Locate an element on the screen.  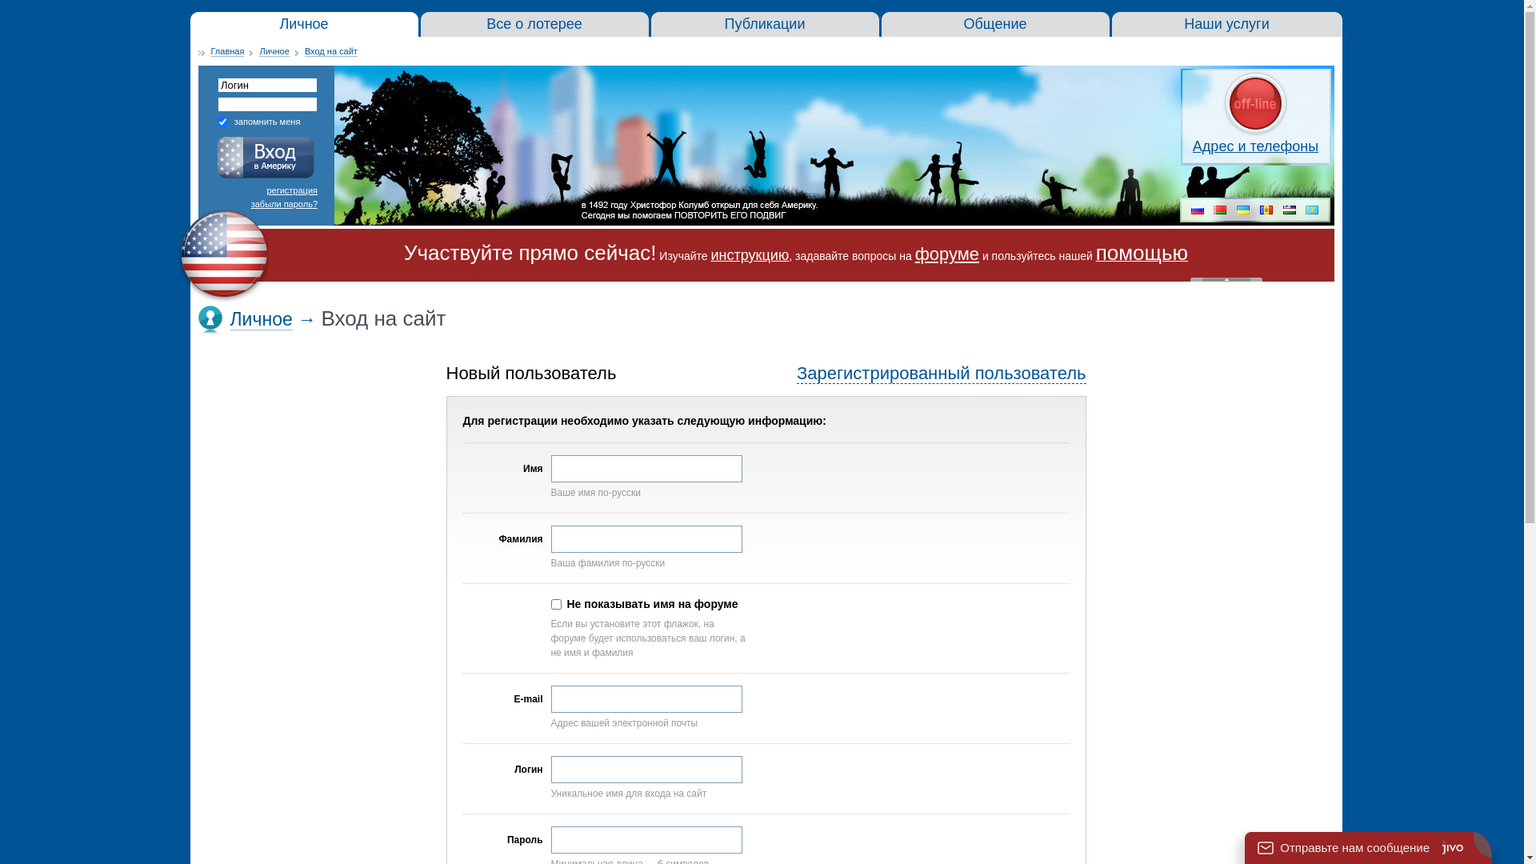
'ru' is located at coordinates (1198, 210).